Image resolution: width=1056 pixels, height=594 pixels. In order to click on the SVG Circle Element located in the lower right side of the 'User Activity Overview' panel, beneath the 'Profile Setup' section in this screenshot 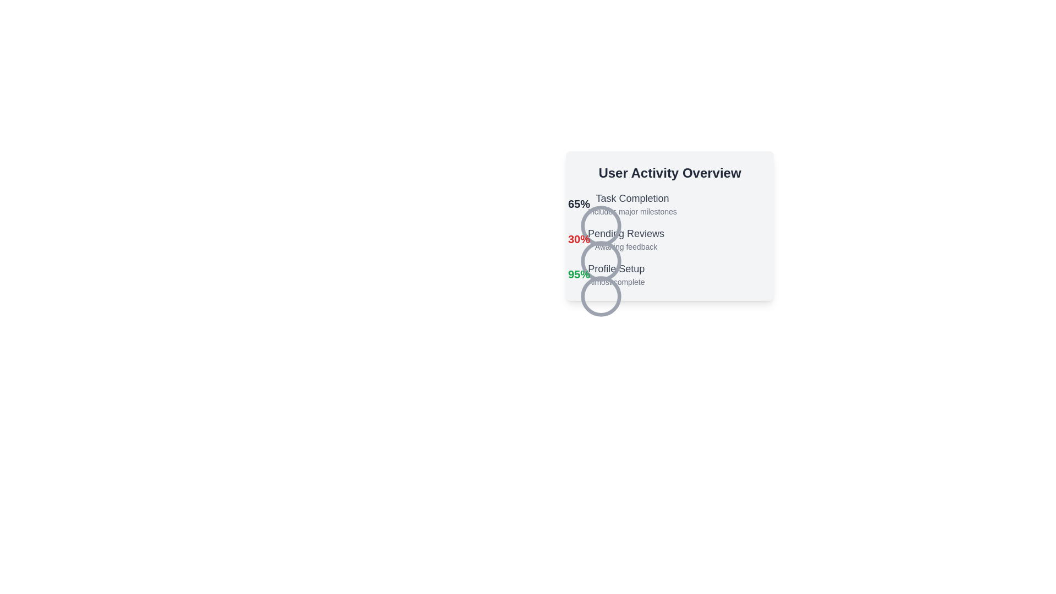, I will do `click(601, 295)`.